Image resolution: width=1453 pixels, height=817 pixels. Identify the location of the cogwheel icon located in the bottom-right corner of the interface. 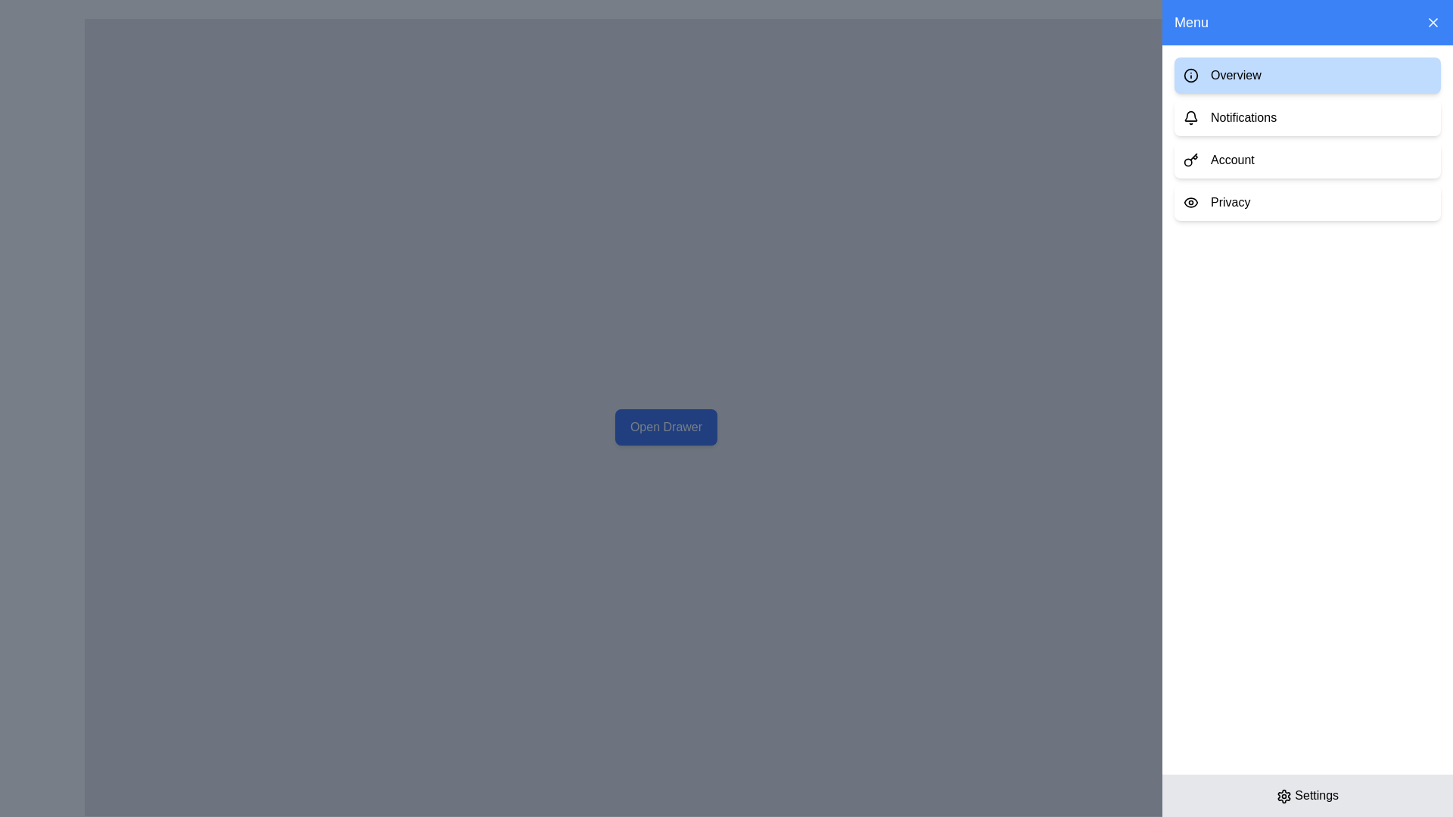
(1283, 795).